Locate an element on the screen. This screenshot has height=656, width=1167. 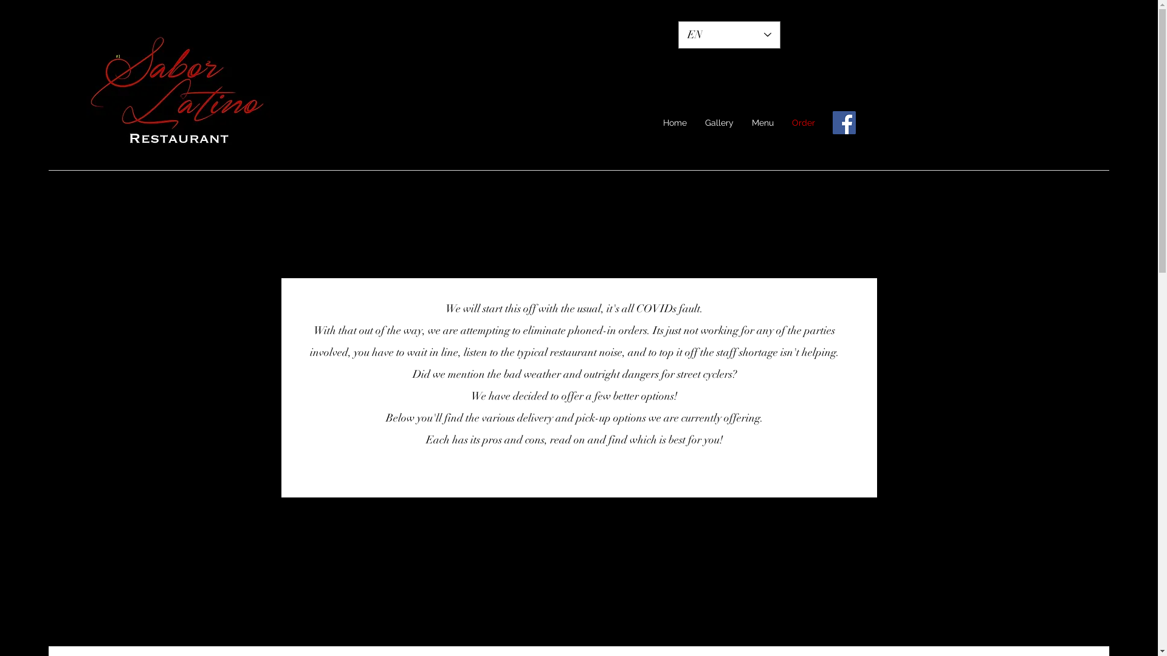
'Home' is located at coordinates (674, 123).